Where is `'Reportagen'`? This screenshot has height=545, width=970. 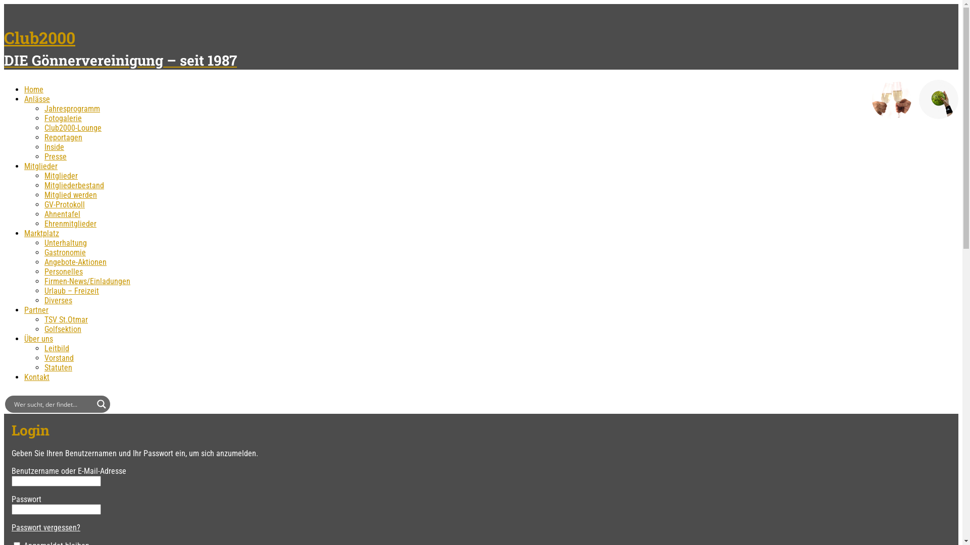 'Reportagen' is located at coordinates (63, 137).